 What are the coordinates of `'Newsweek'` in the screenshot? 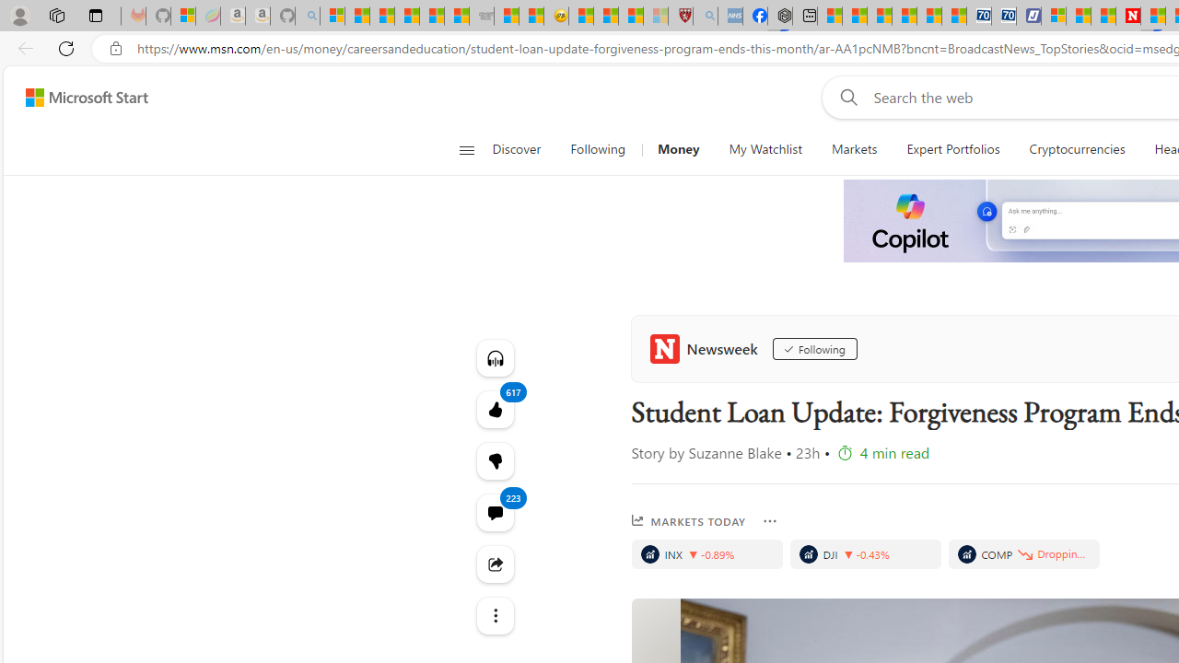 It's located at (706, 349).